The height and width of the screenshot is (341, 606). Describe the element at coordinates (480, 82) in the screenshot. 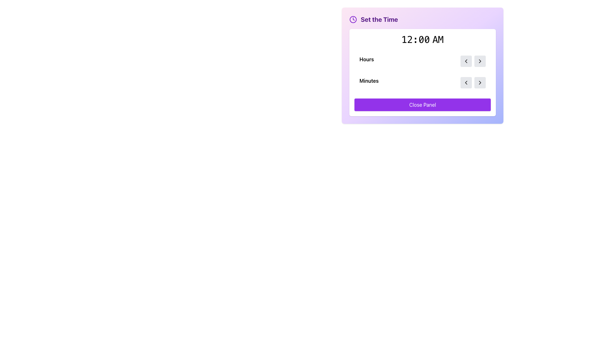

I see `the gray rectangular button with rounded edges and a right-pointing chevron in the bottom-right corner of the 'Minutes' section to trigger the hover effect` at that location.